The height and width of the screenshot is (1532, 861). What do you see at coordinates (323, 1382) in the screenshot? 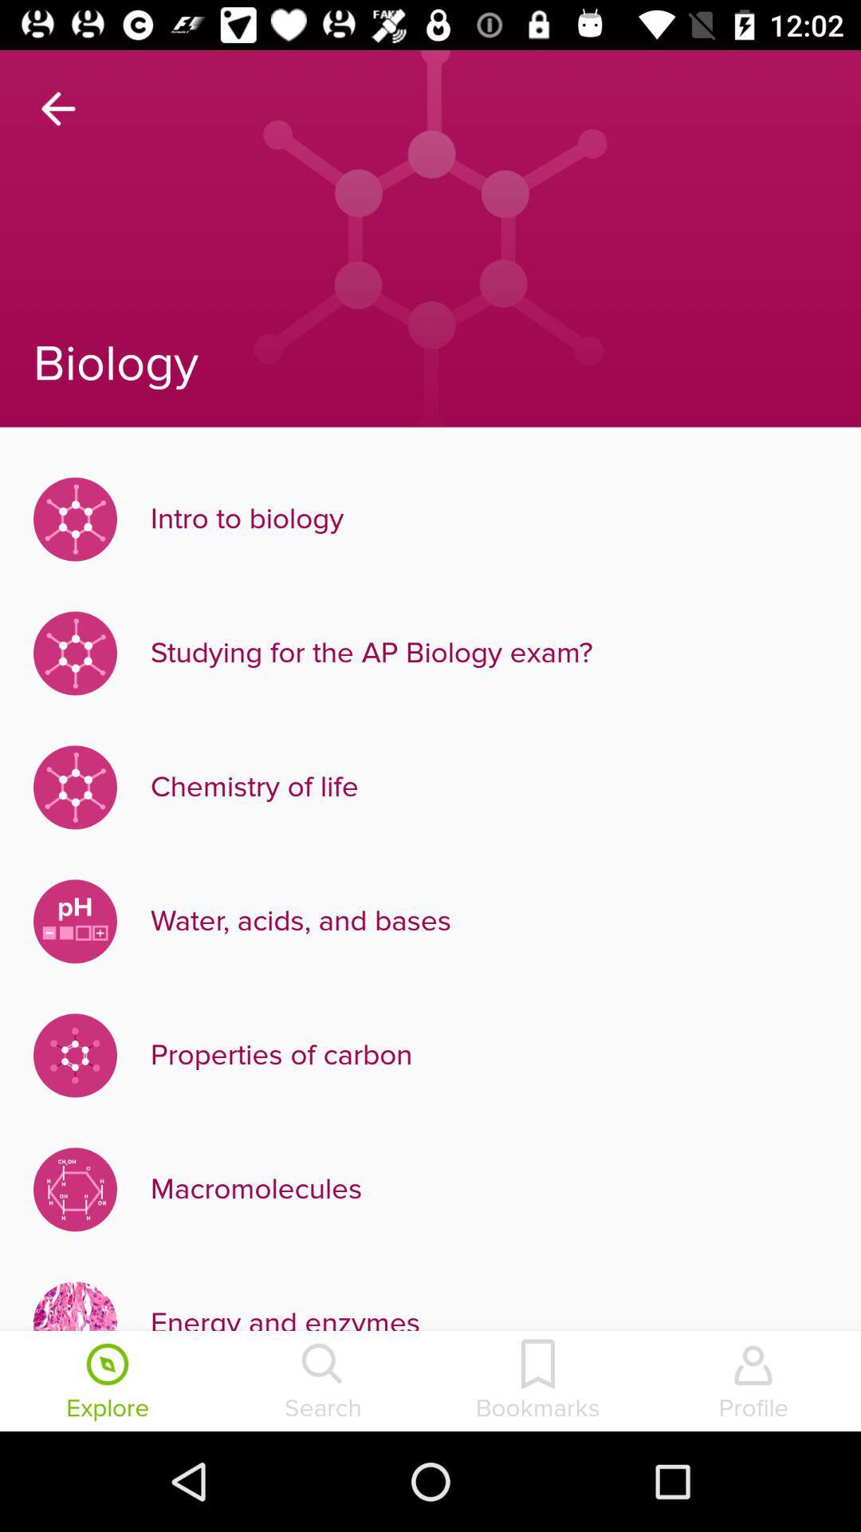
I see `search` at bounding box center [323, 1382].